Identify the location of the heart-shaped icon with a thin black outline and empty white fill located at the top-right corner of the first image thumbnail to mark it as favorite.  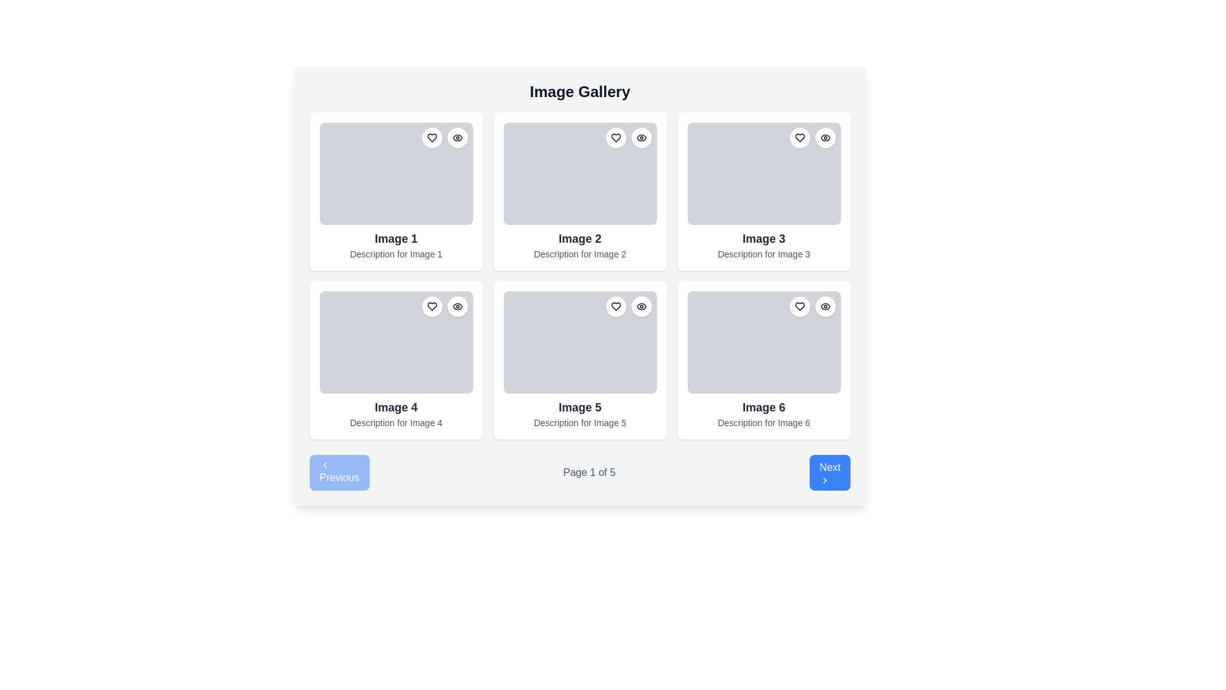
(432, 138).